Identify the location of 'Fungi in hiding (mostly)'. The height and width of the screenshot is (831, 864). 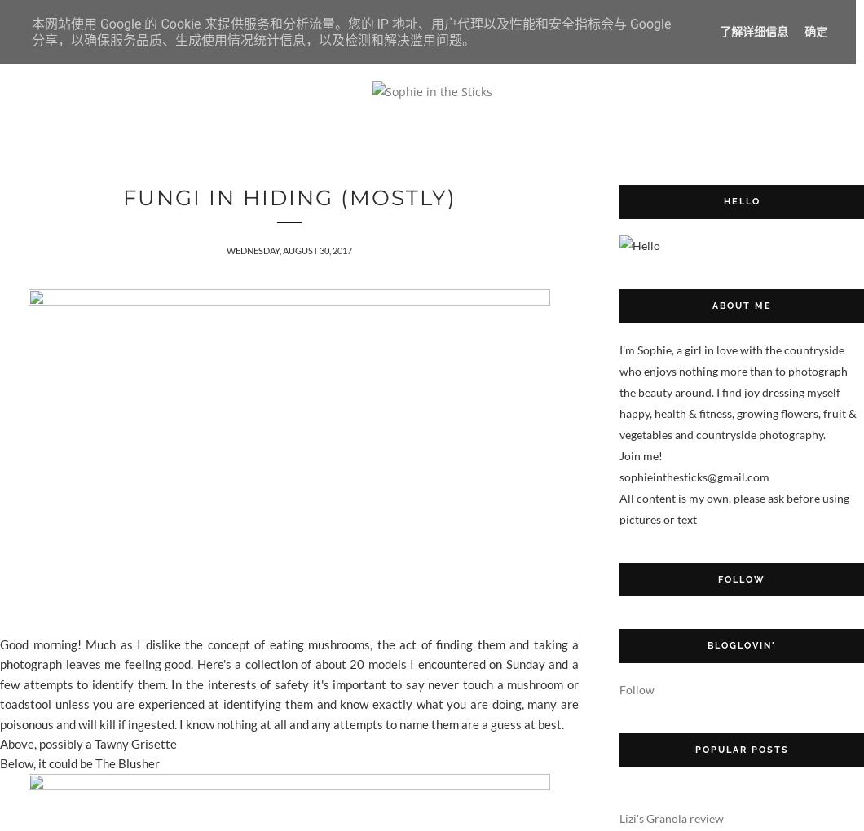
(121, 197).